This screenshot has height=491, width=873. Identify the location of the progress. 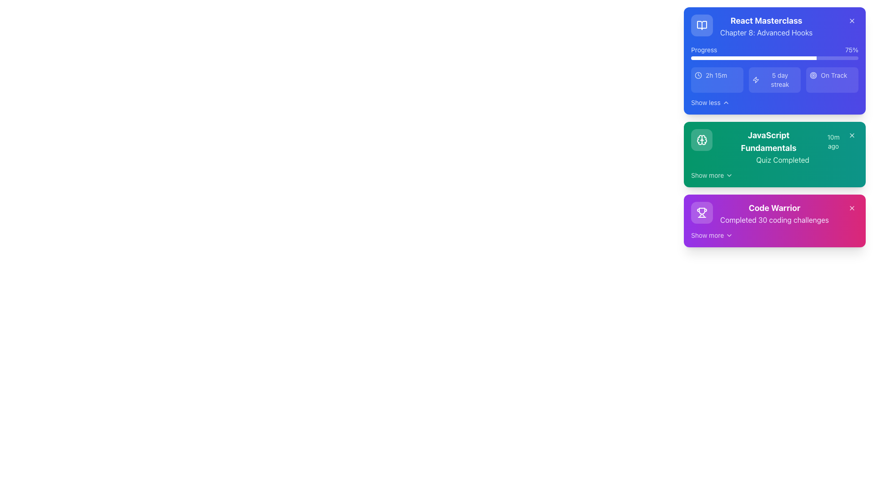
(746, 58).